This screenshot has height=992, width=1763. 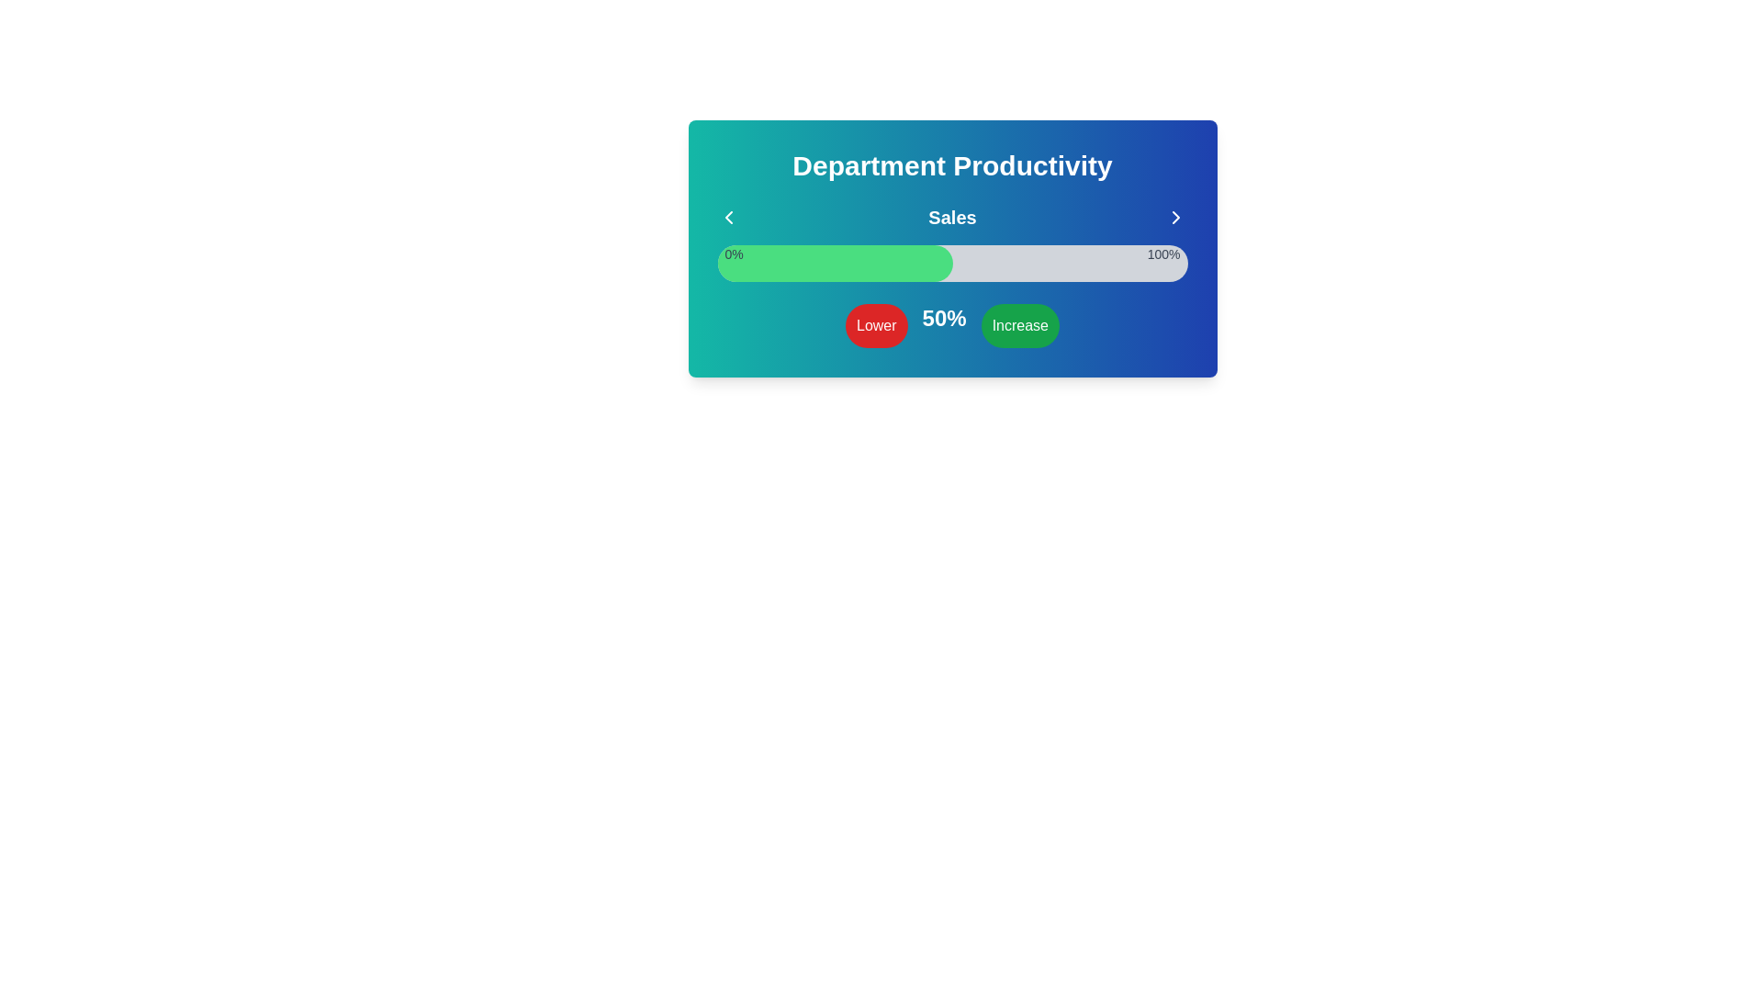 What do you see at coordinates (727, 216) in the screenshot?
I see `the left-pointing triangular arrow icon in the green gradient header titled 'Department Productivity'` at bounding box center [727, 216].